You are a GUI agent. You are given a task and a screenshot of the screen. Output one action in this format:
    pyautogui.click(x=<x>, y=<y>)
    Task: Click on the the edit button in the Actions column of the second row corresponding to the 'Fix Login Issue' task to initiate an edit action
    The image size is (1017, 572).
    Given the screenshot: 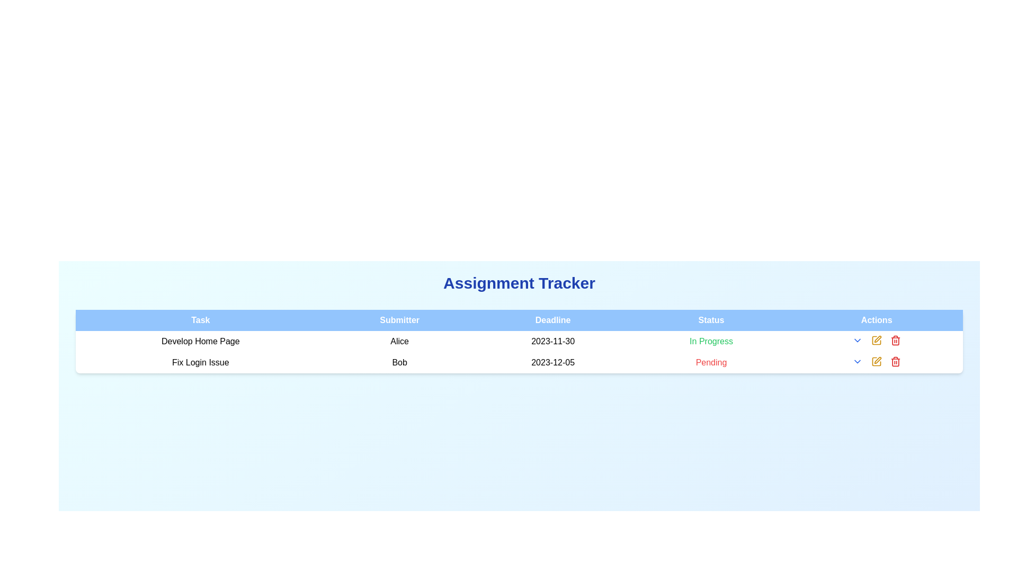 What is the action you would take?
    pyautogui.click(x=877, y=341)
    